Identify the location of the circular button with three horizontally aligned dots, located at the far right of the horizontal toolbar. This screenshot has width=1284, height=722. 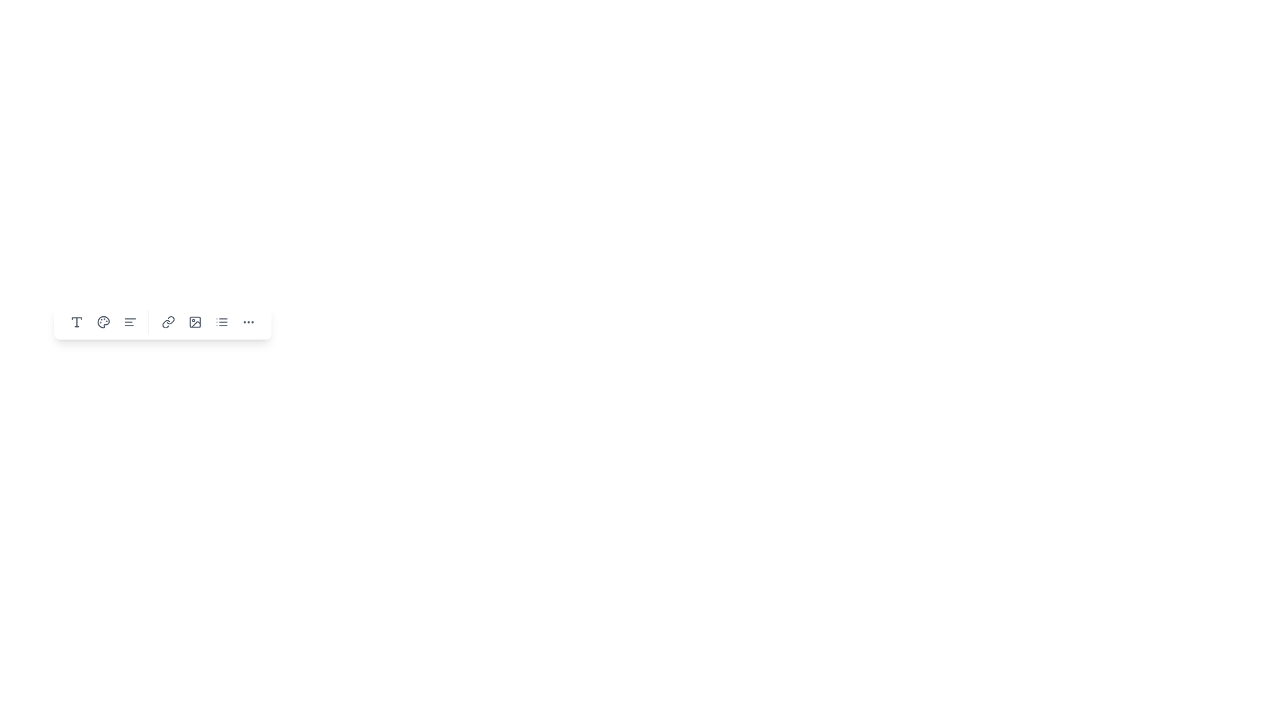
(249, 322).